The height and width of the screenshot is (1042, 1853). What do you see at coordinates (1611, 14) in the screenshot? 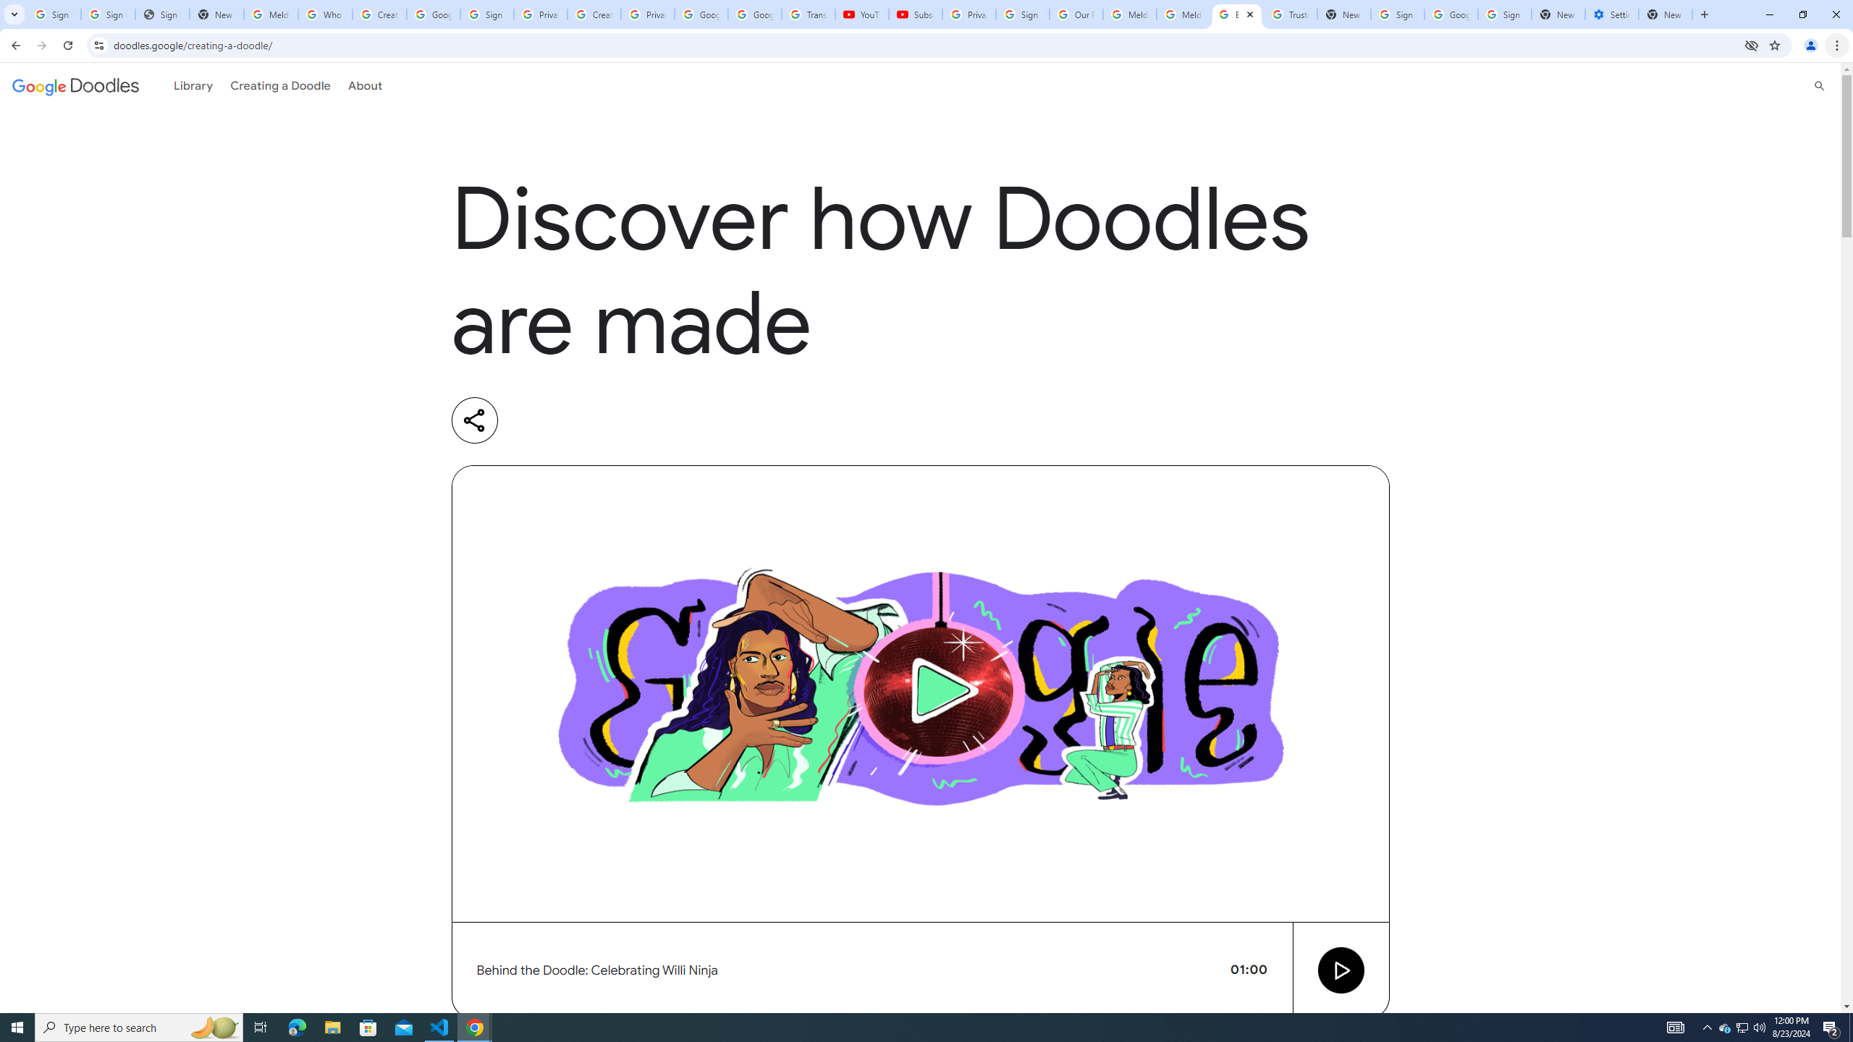
I see `'Settings - Addresses and more'` at bounding box center [1611, 14].